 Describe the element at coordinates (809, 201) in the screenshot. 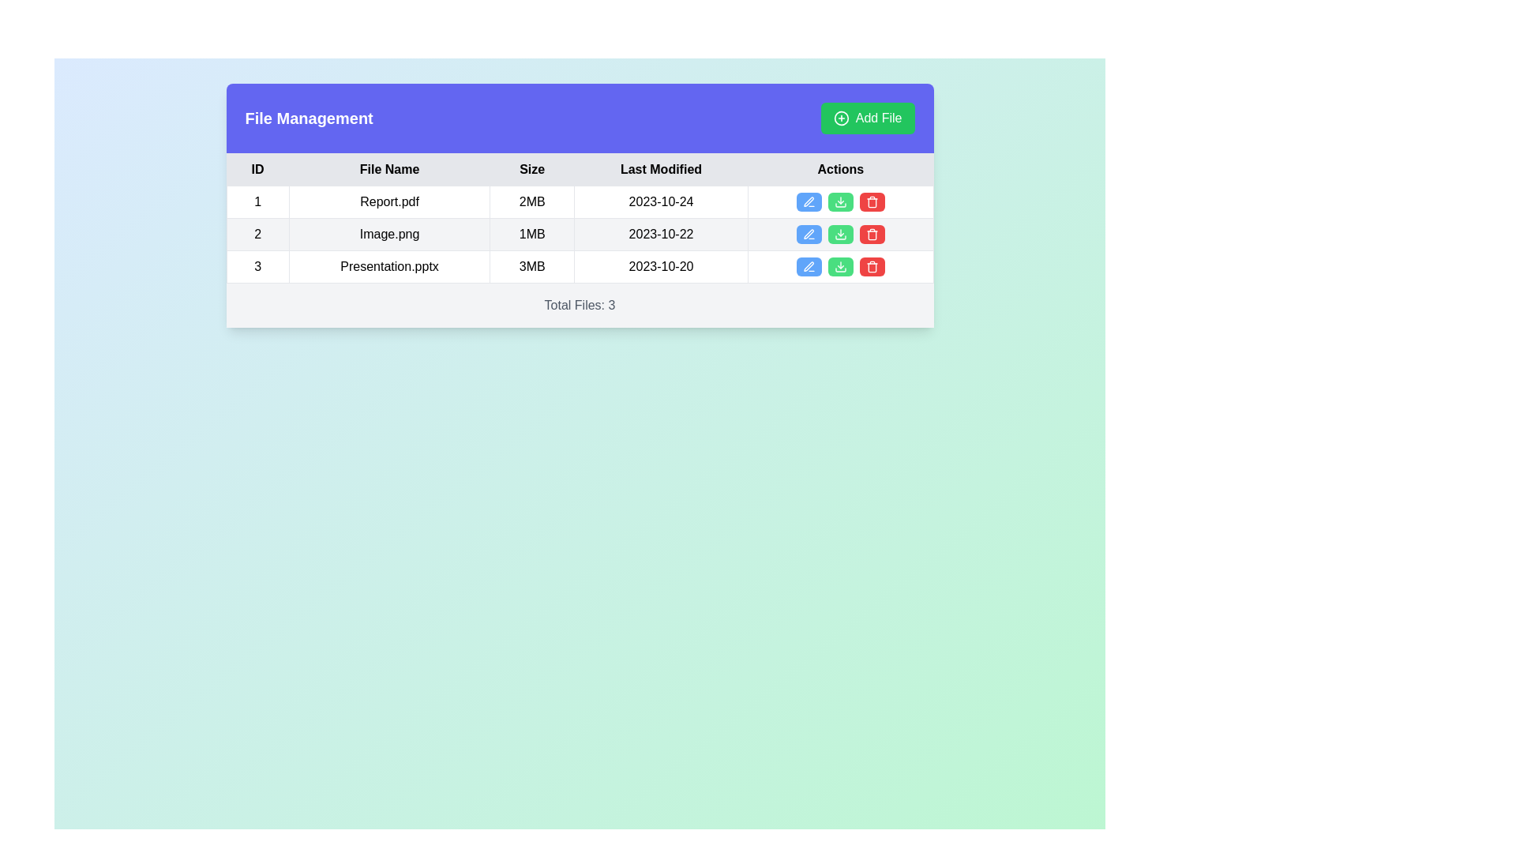

I see `the Edit Pen Icon located in the Actions column of the file management table for the file 'Image.png' to initiate editing` at that location.